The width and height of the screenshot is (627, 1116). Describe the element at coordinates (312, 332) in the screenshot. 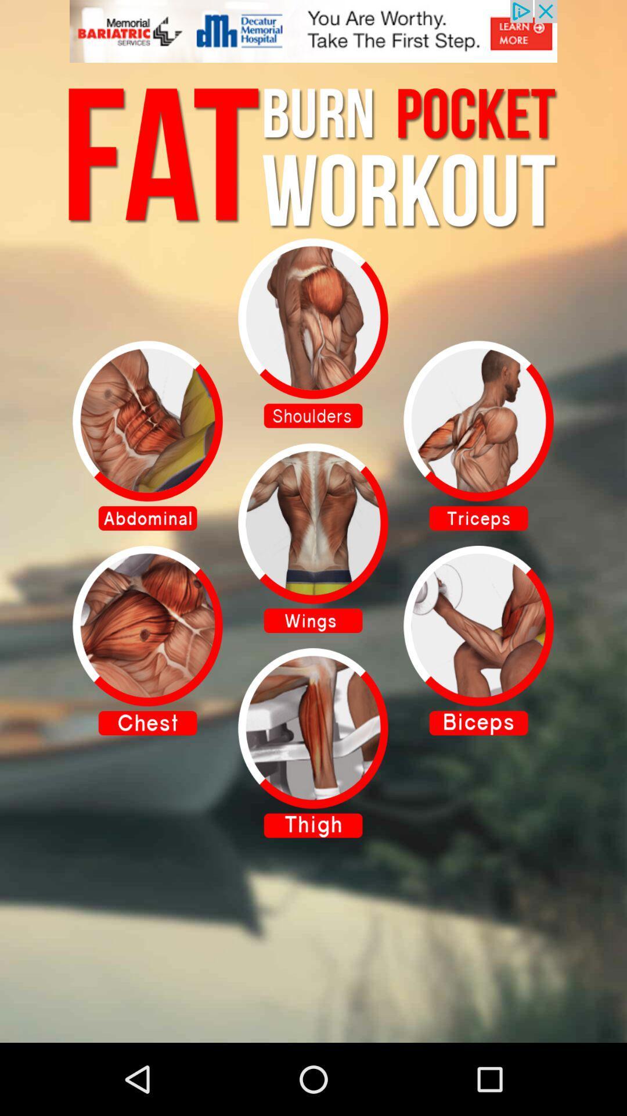

I see `shoulder` at that location.